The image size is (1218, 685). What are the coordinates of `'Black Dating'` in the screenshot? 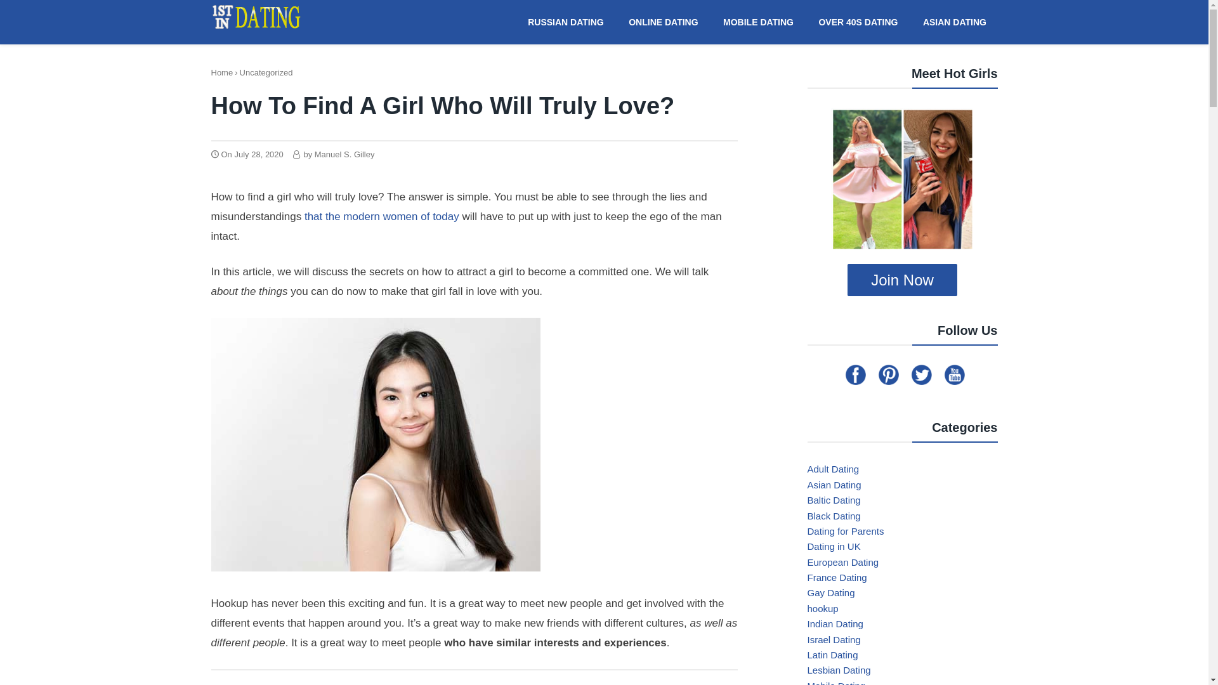 It's located at (834, 515).